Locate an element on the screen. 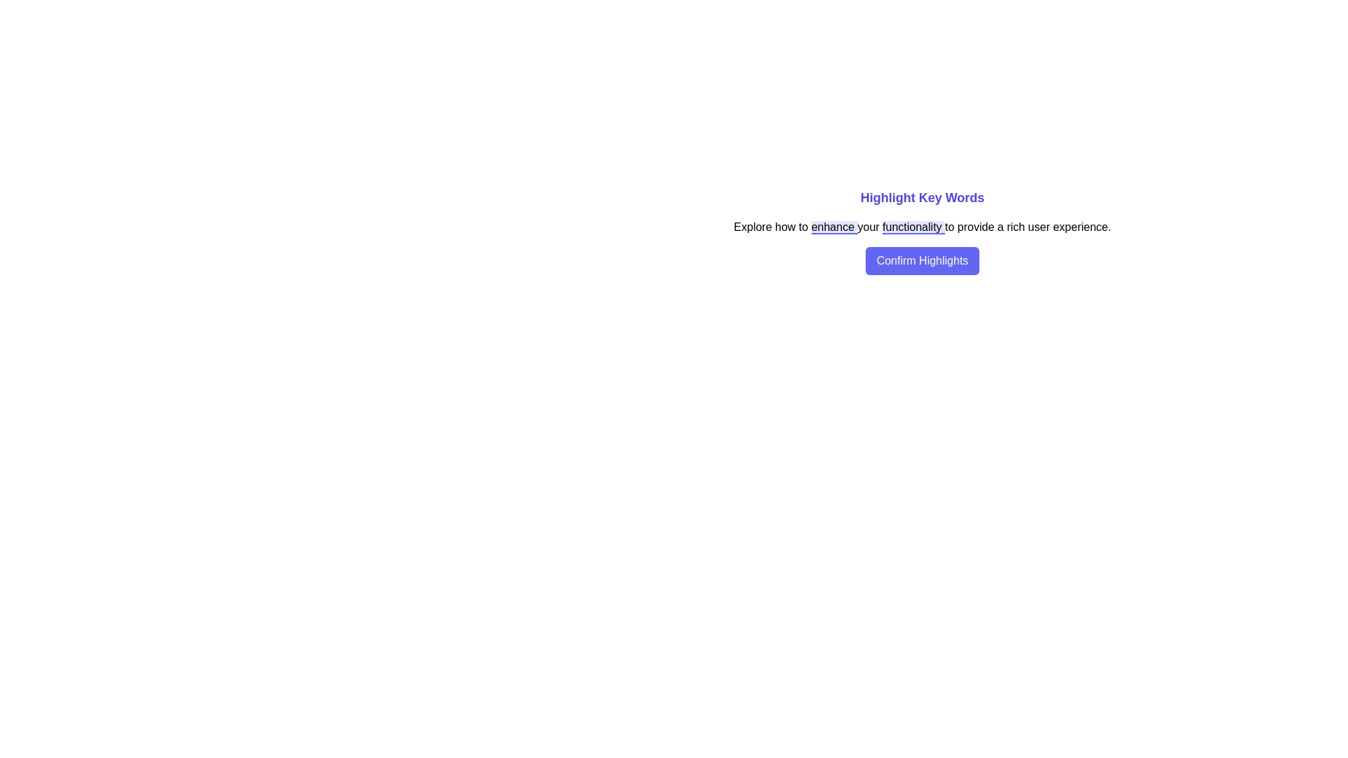 The height and width of the screenshot is (758, 1348). the text element displaying the word 'how' which is the second word in the sentence 'Explore how to enhance your functionality to provide a rich user experience.' is located at coordinates (786, 227).